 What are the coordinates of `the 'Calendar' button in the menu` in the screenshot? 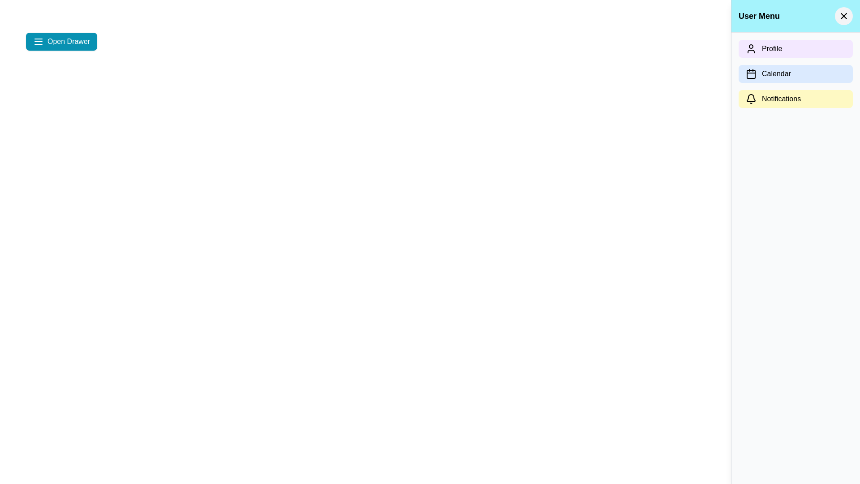 It's located at (795, 73).